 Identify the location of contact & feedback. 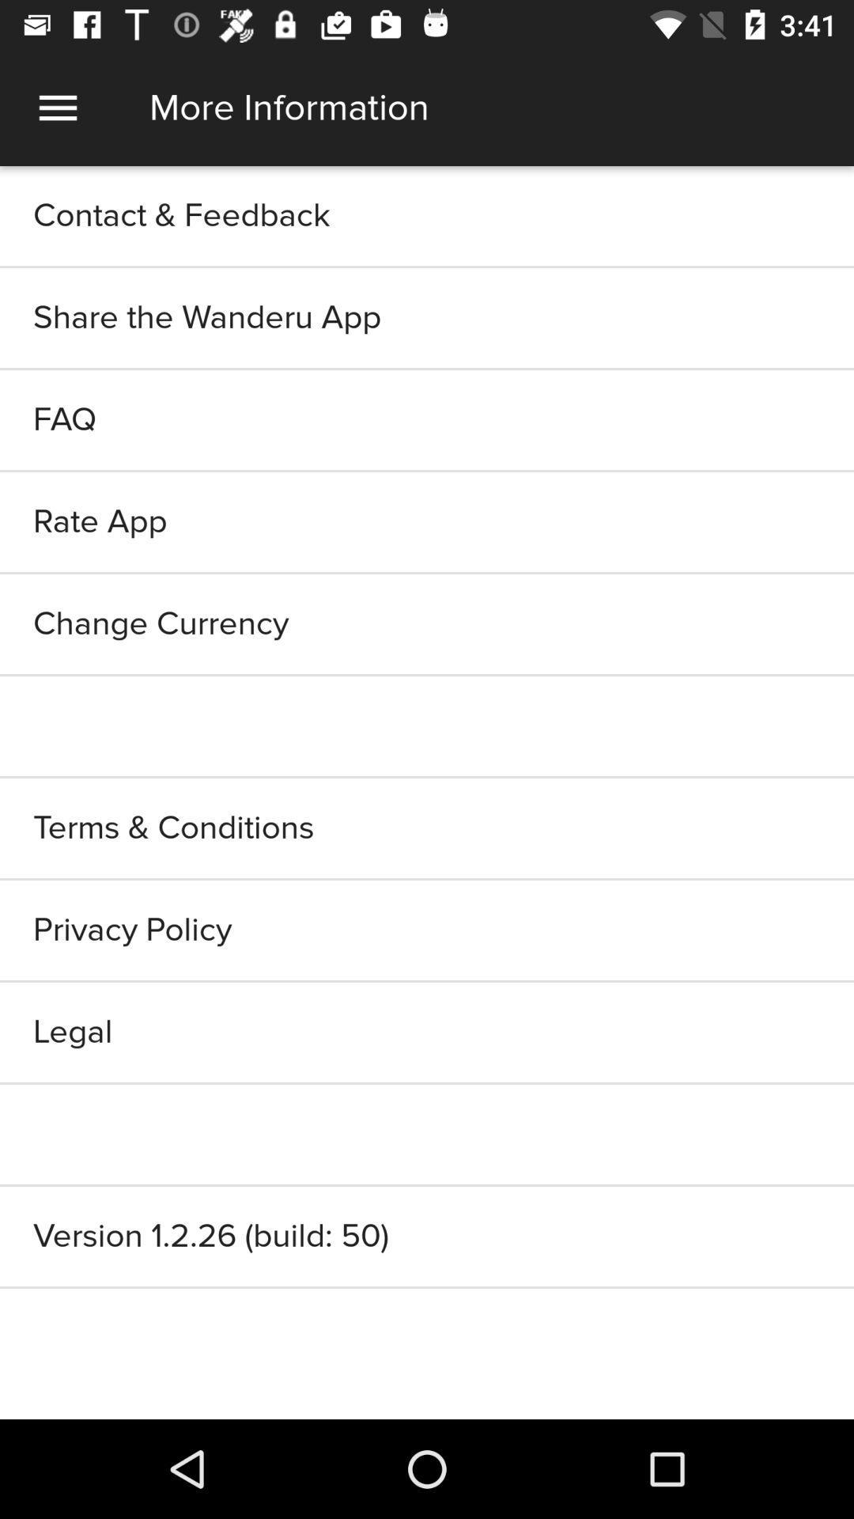
(427, 215).